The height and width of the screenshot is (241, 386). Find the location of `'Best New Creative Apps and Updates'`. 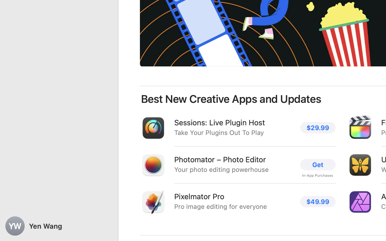

'Best New Creative Apps and Updates' is located at coordinates (231, 99).